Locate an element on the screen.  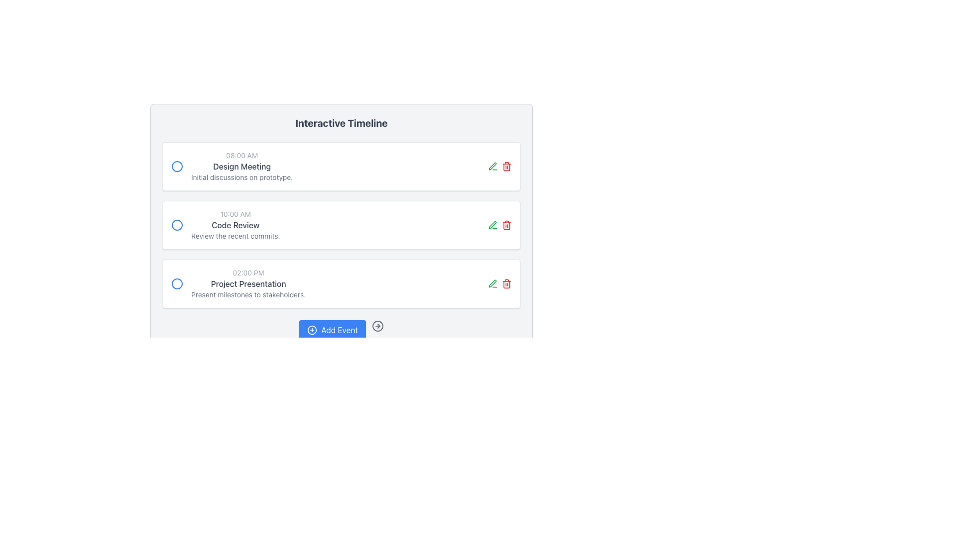
the Text Display element that shows the scheduled event details above '10:00 AM Code Review' in the vertical timeline list is located at coordinates (242, 166).